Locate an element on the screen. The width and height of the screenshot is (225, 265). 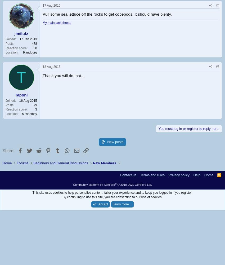
'478' is located at coordinates (34, 43).